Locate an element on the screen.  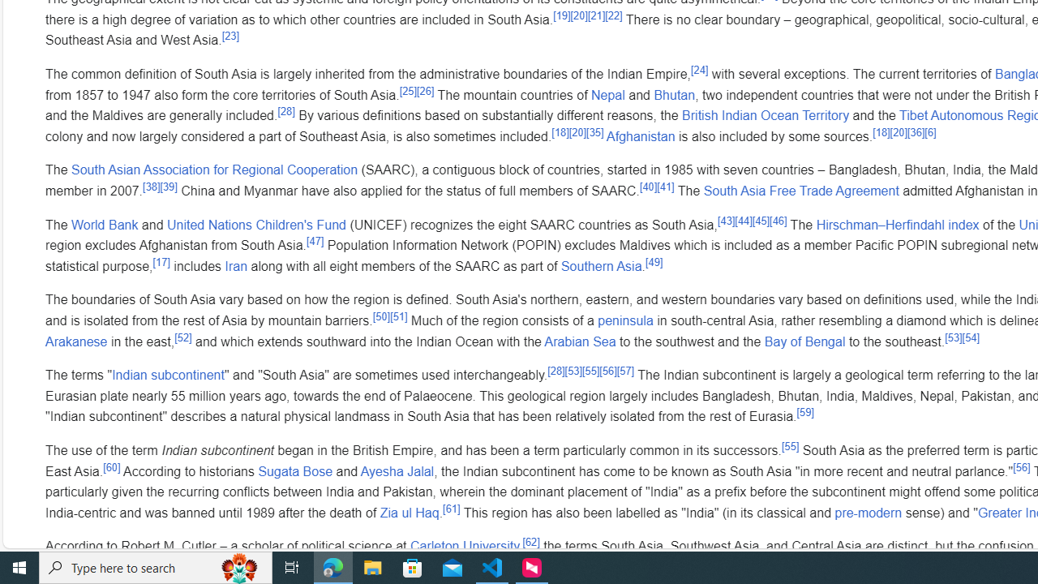
'Bay of Bengal' is located at coordinates (804, 340).